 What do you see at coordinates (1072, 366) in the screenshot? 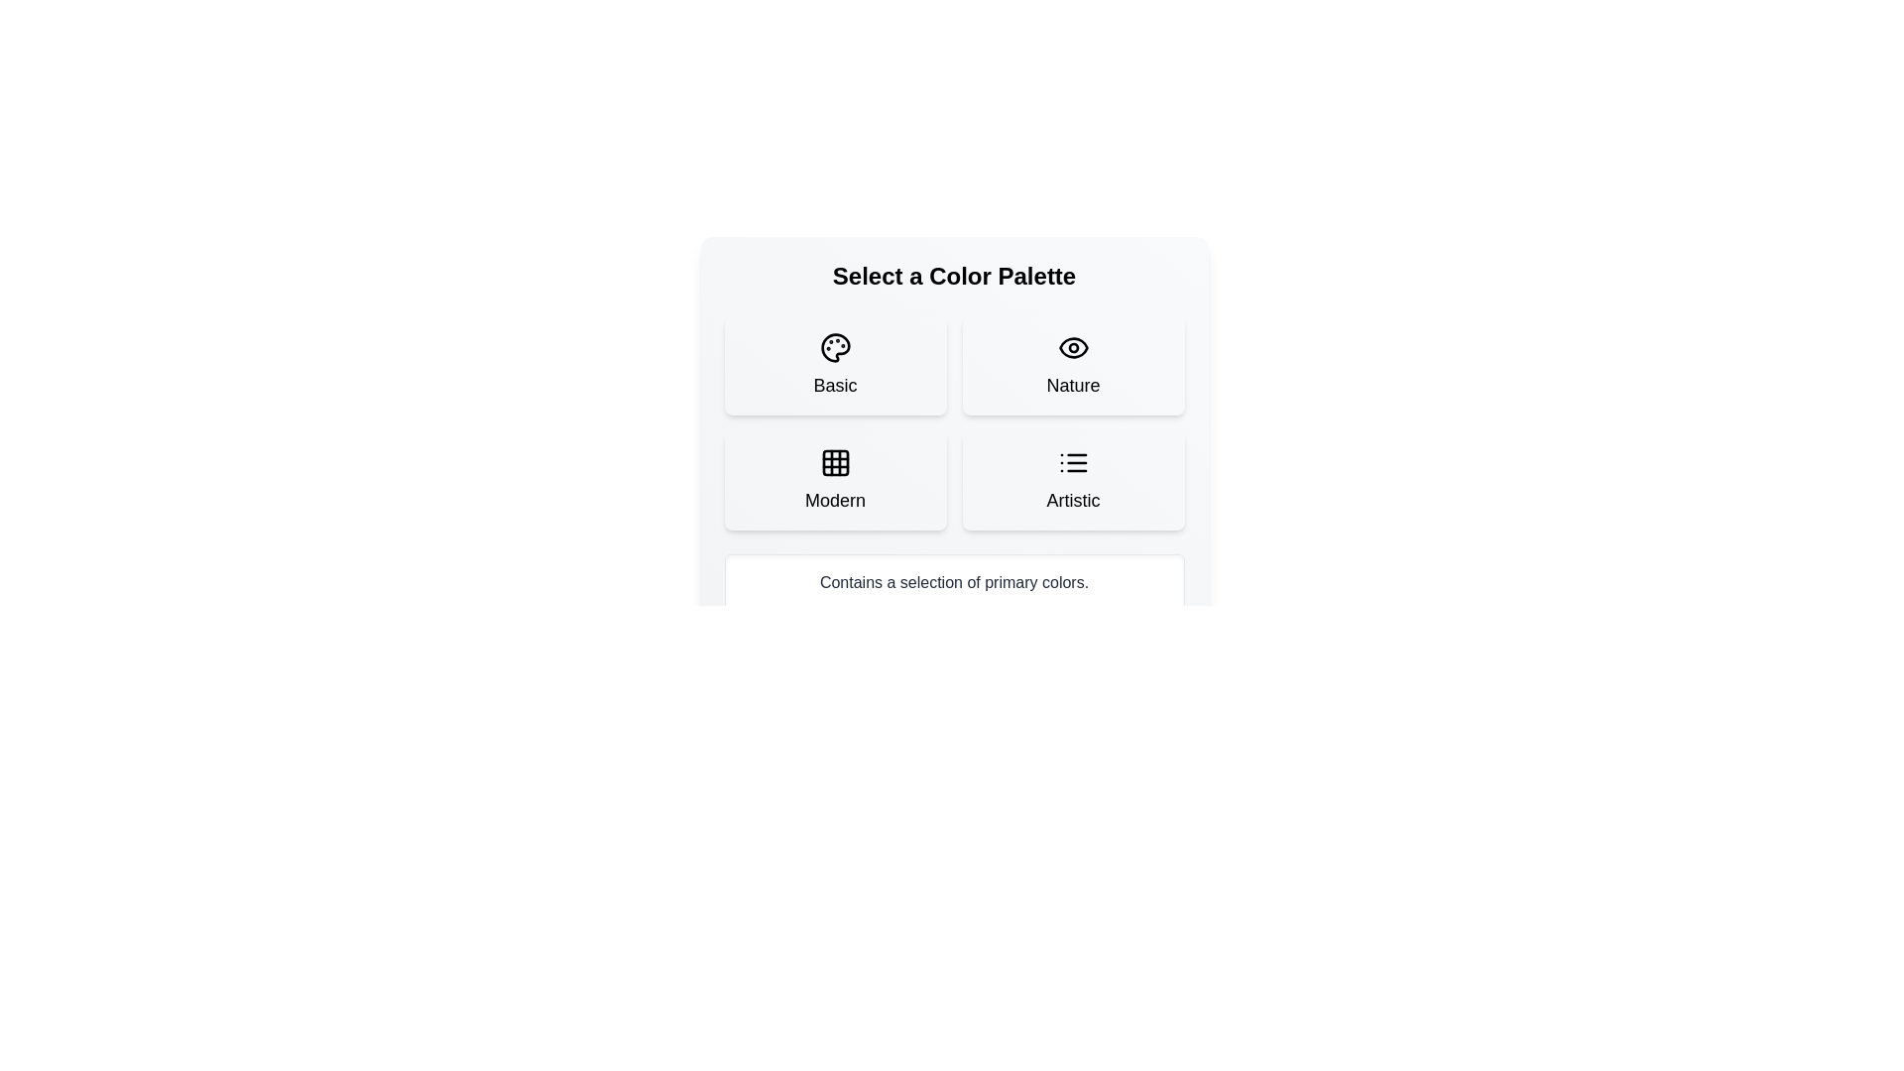
I see `the color palette Nature by clicking on its corresponding button` at bounding box center [1072, 366].